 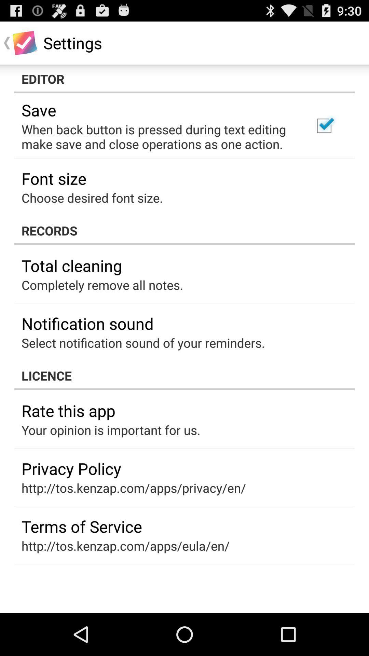 I want to click on the app above the rate this app app, so click(x=184, y=375).